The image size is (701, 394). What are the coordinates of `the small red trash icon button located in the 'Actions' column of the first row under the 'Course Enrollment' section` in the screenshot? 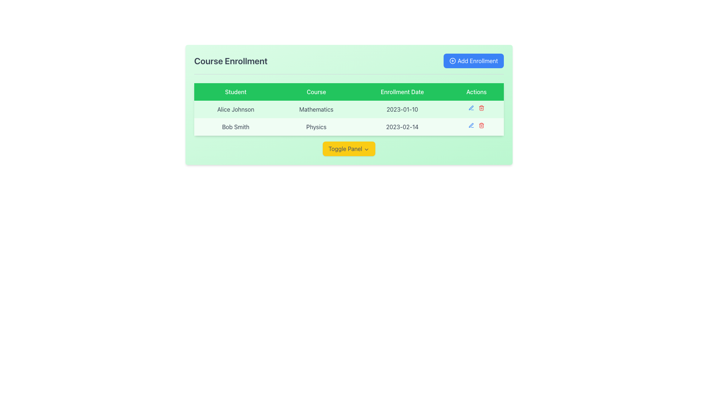 It's located at (482, 108).